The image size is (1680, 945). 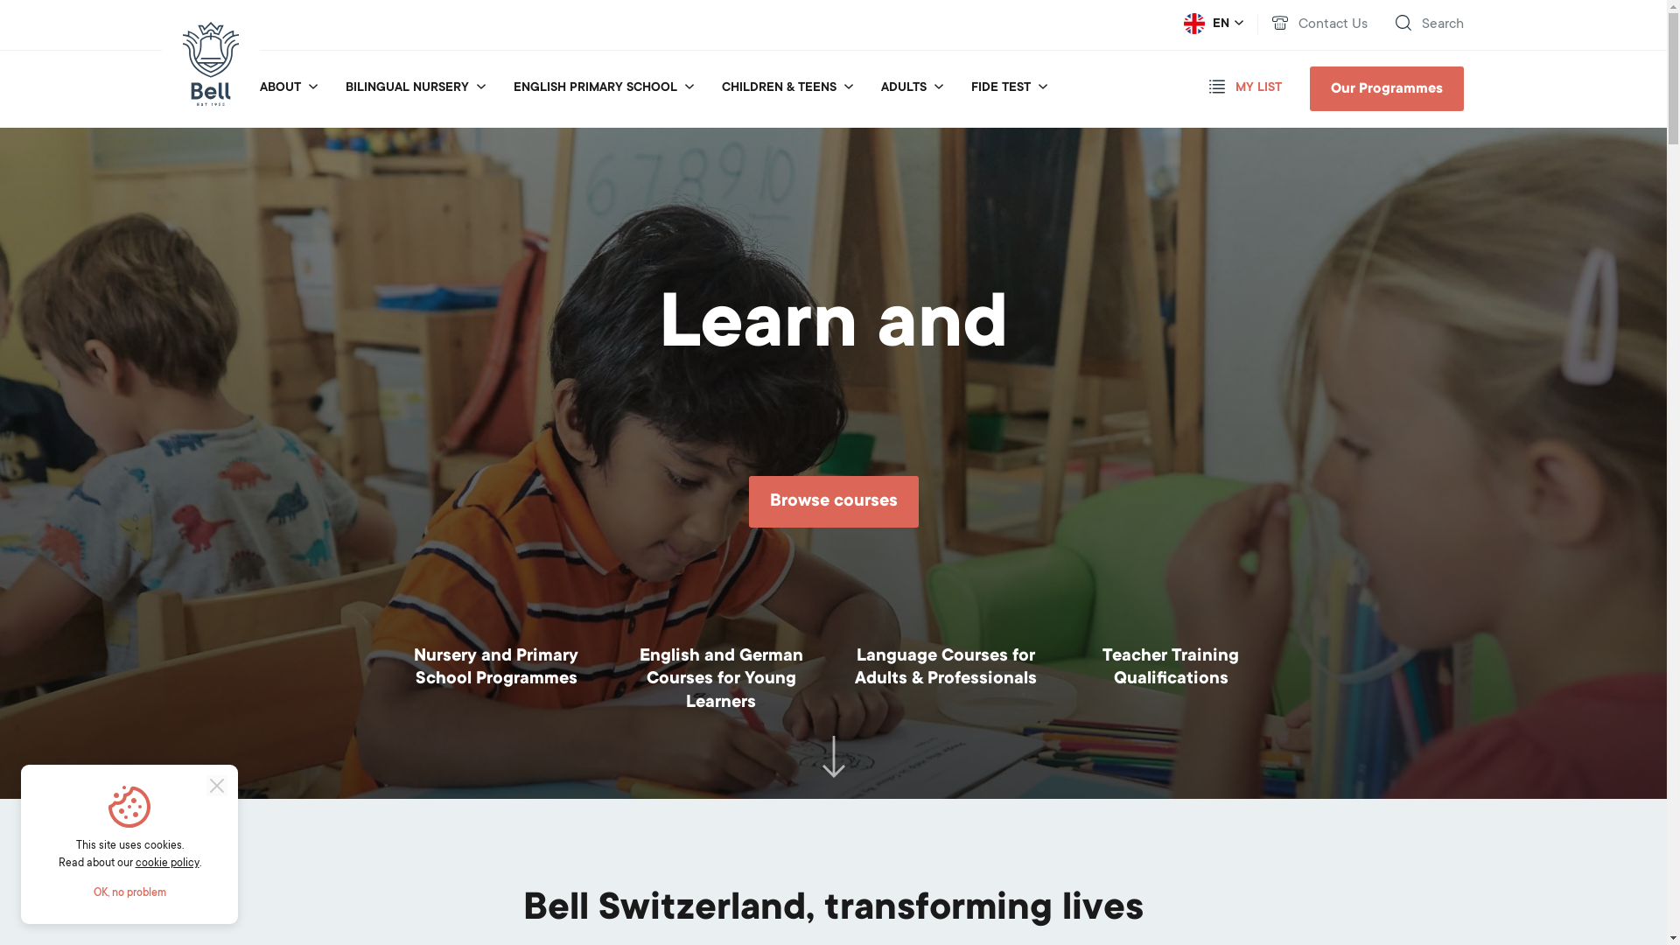 What do you see at coordinates (1208, 87) in the screenshot?
I see `'MY LIST'` at bounding box center [1208, 87].